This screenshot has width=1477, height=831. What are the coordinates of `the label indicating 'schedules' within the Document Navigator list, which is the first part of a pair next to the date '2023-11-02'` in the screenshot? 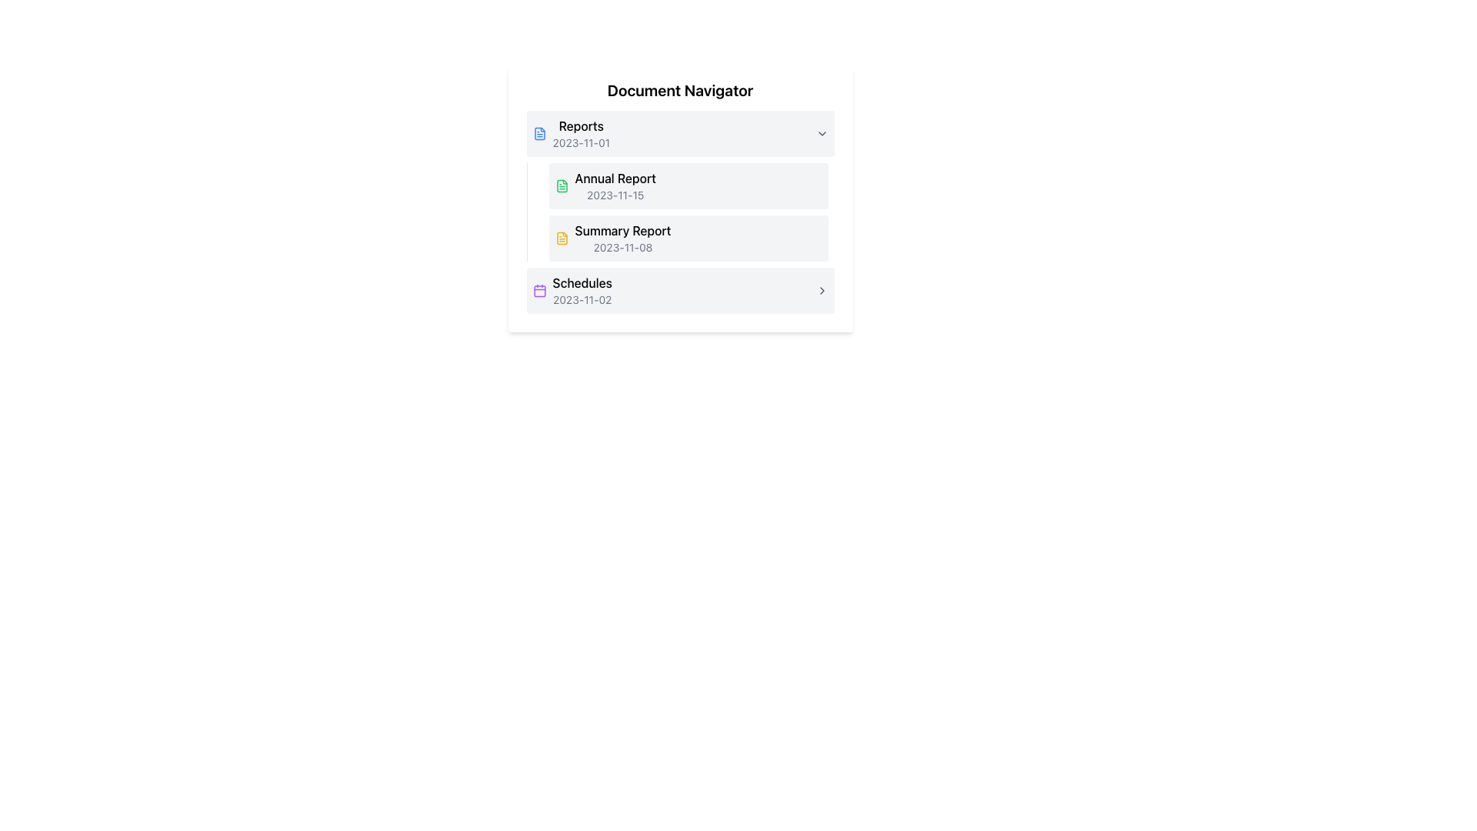 It's located at (582, 282).